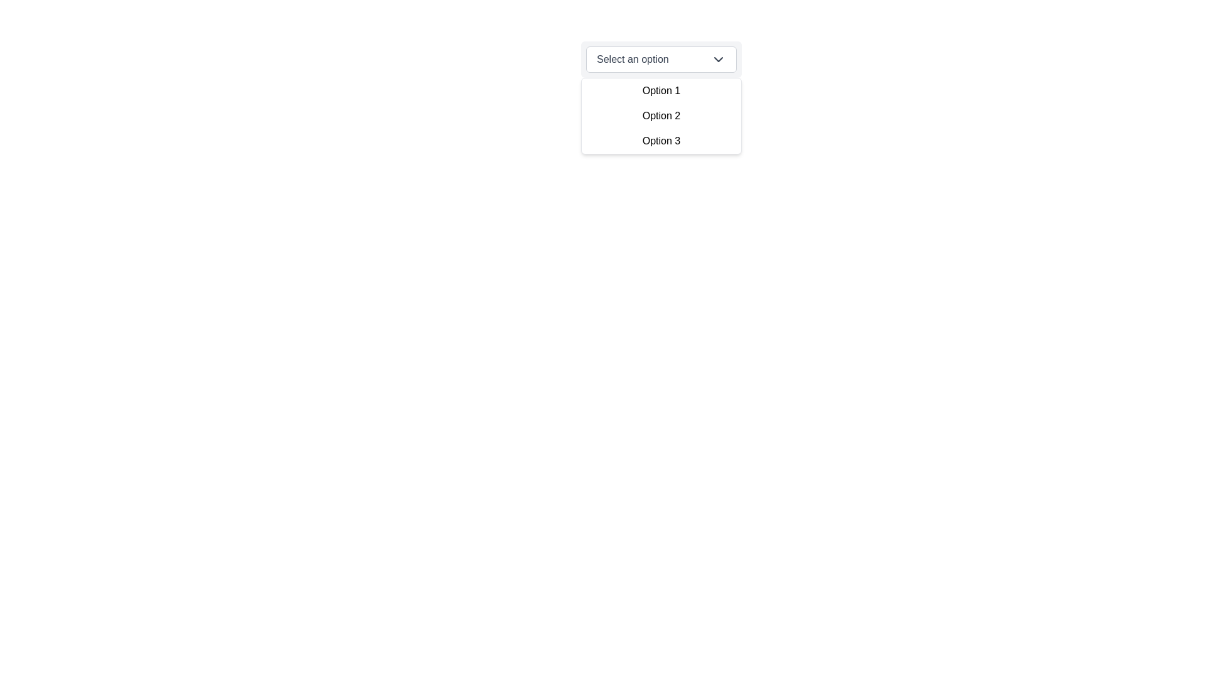 This screenshot has width=1205, height=678. I want to click on the Dropdown indicator icon located in the upper-right corner of the dropdown field next to the text 'Select an option', so click(719, 60).